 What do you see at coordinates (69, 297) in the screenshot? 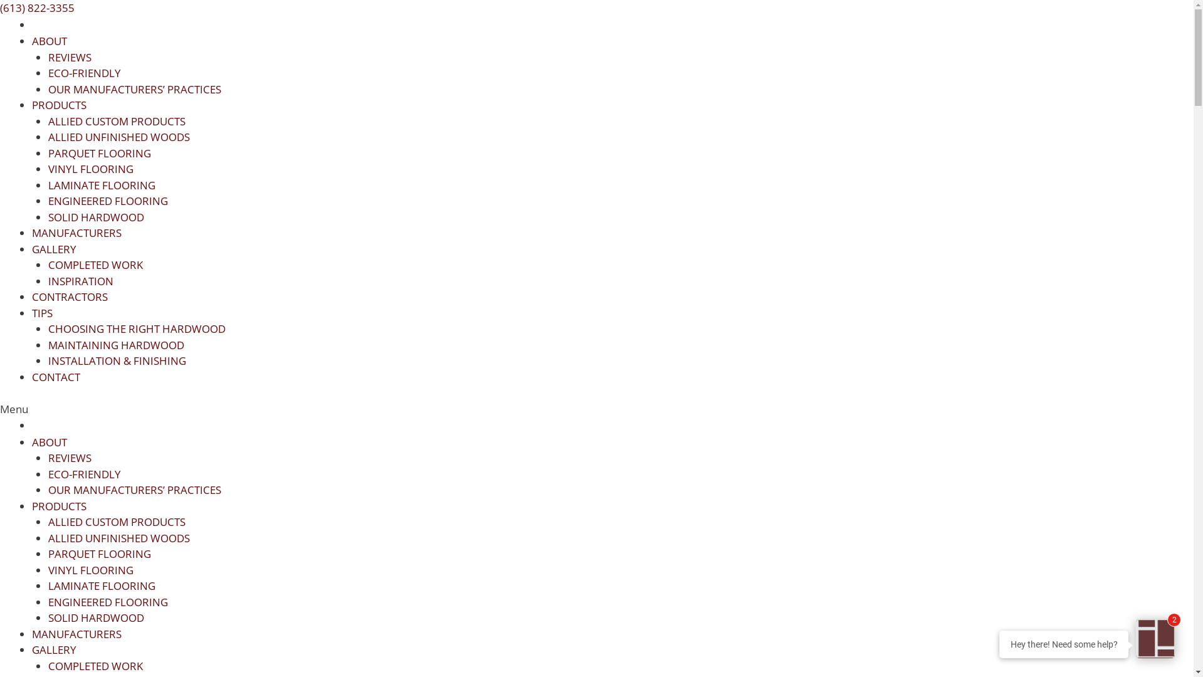
I see `'CONTRACTORS'` at bounding box center [69, 297].